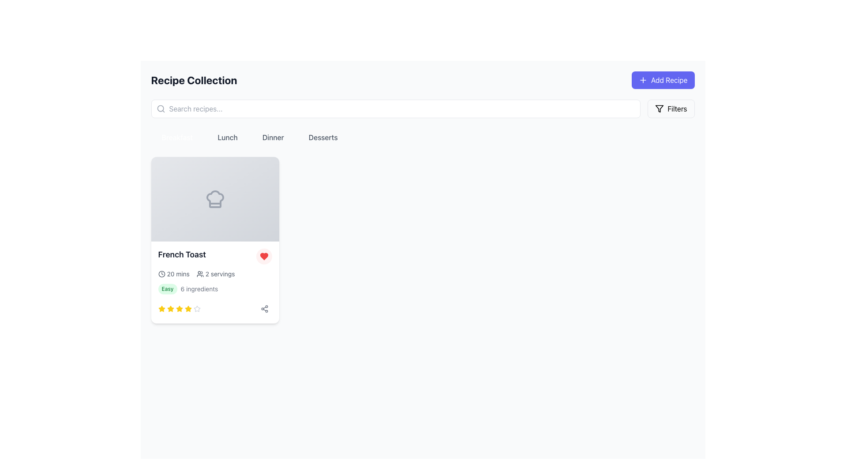 This screenshot has height=476, width=847. What do you see at coordinates (170, 309) in the screenshot?
I see `the third yellow star icon in a row of five stars located below the 'French Toast' recipe card` at bounding box center [170, 309].